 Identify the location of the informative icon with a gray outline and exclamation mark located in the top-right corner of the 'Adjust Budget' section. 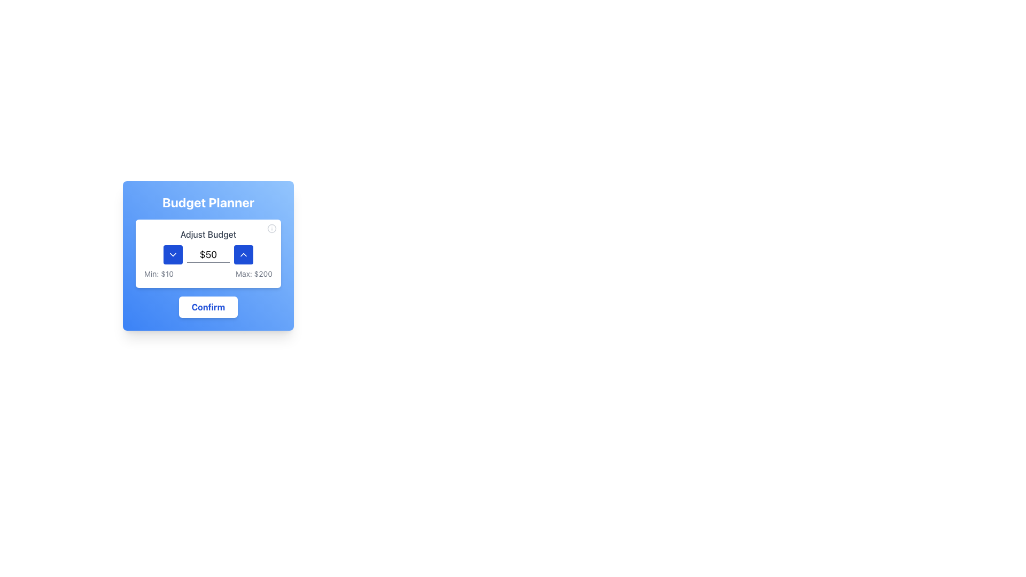
(271, 228).